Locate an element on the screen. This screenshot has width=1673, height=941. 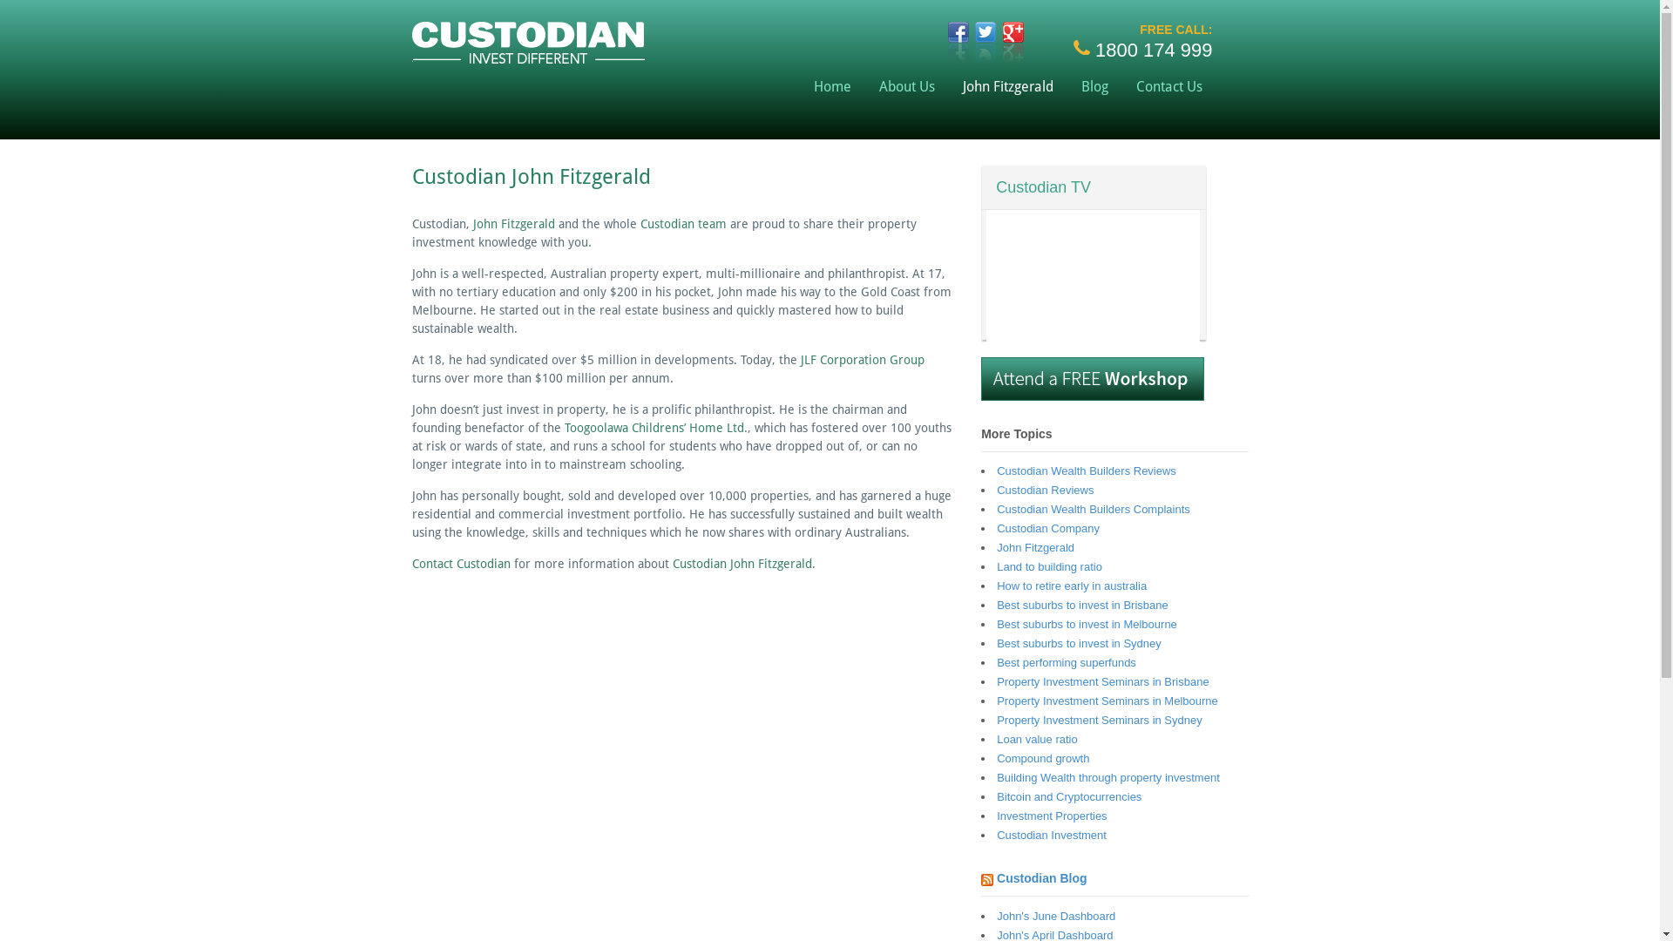
'About Us' is located at coordinates (906, 86).